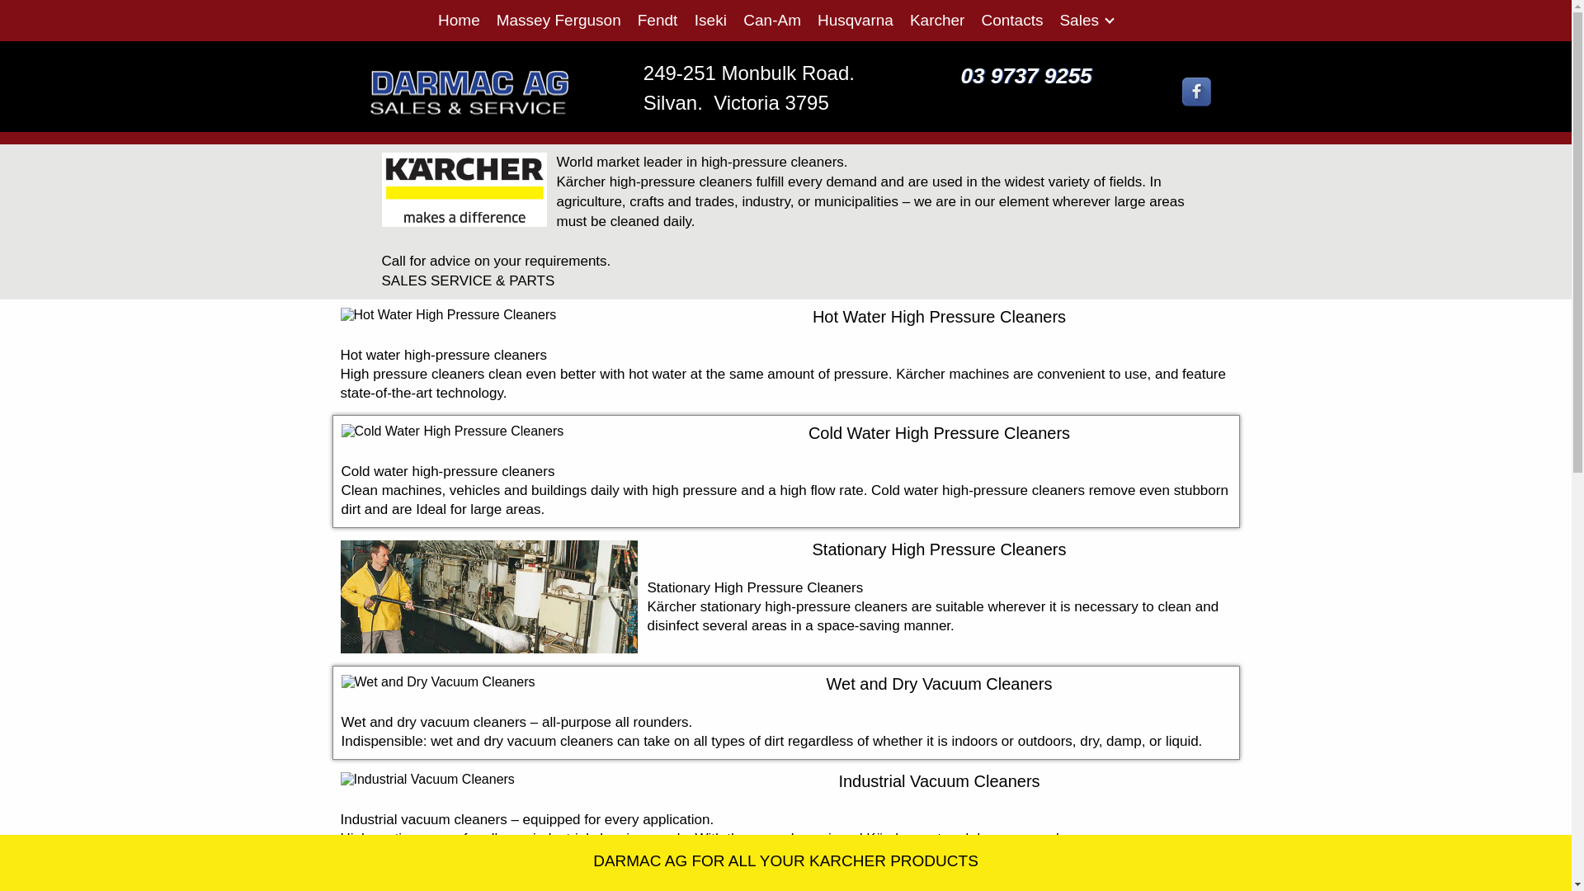  Describe the element at coordinates (657, 20) in the screenshot. I see `'Fendt'` at that location.